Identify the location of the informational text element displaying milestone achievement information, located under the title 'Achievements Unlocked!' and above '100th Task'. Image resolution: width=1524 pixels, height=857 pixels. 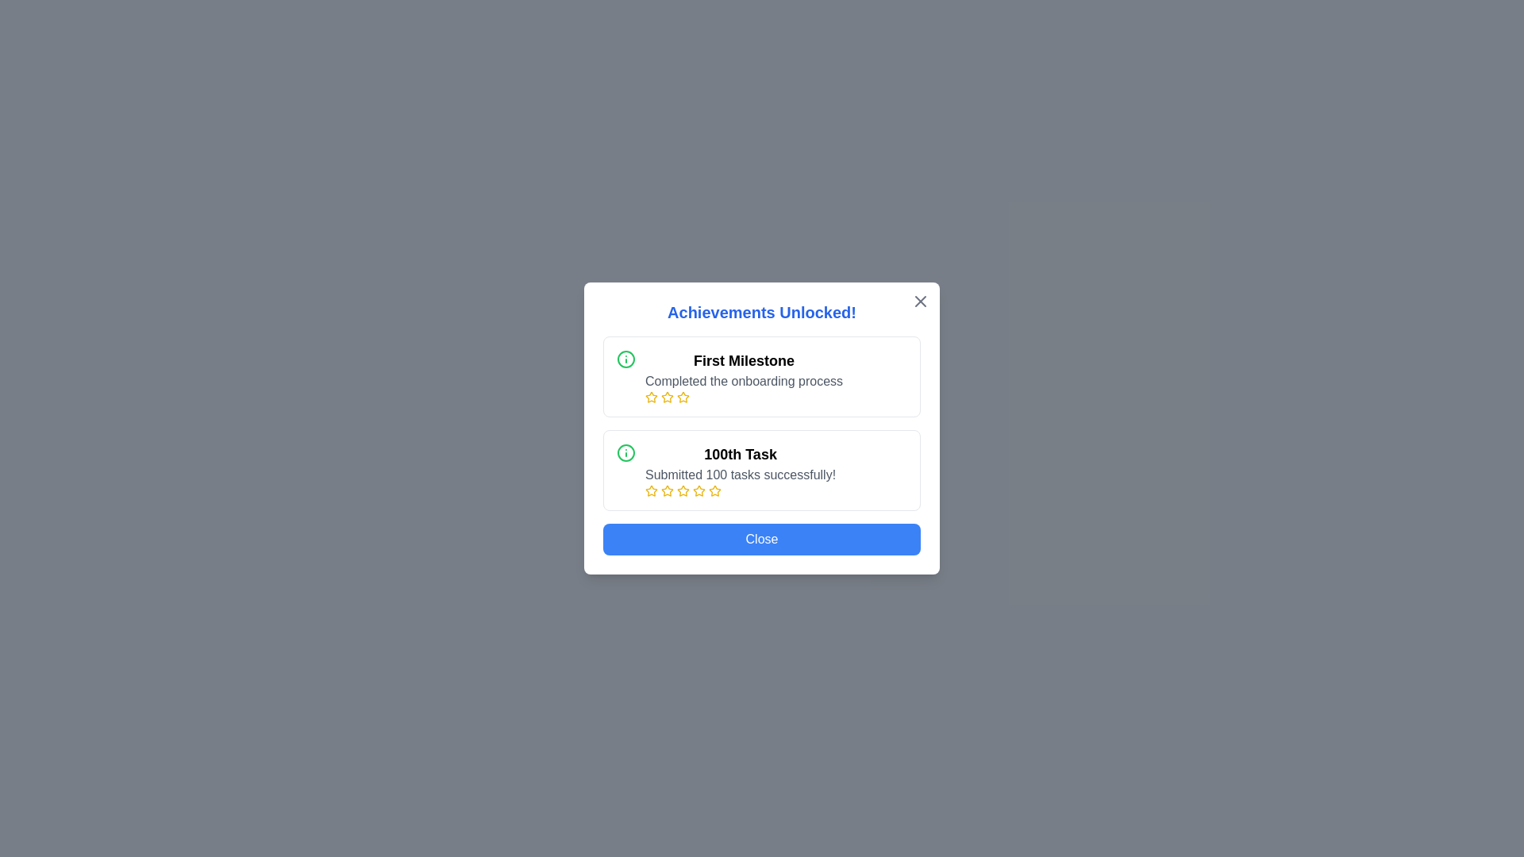
(743, 376).